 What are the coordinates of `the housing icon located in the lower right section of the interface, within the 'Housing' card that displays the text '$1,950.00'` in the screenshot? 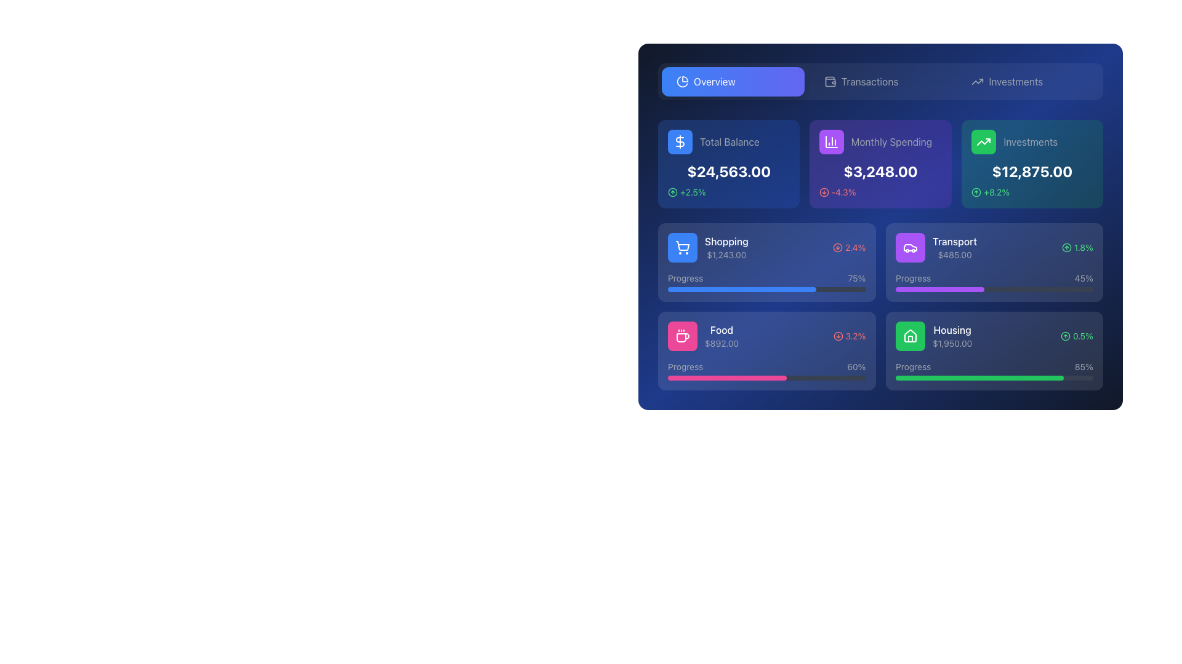 It's located at (910, 336).